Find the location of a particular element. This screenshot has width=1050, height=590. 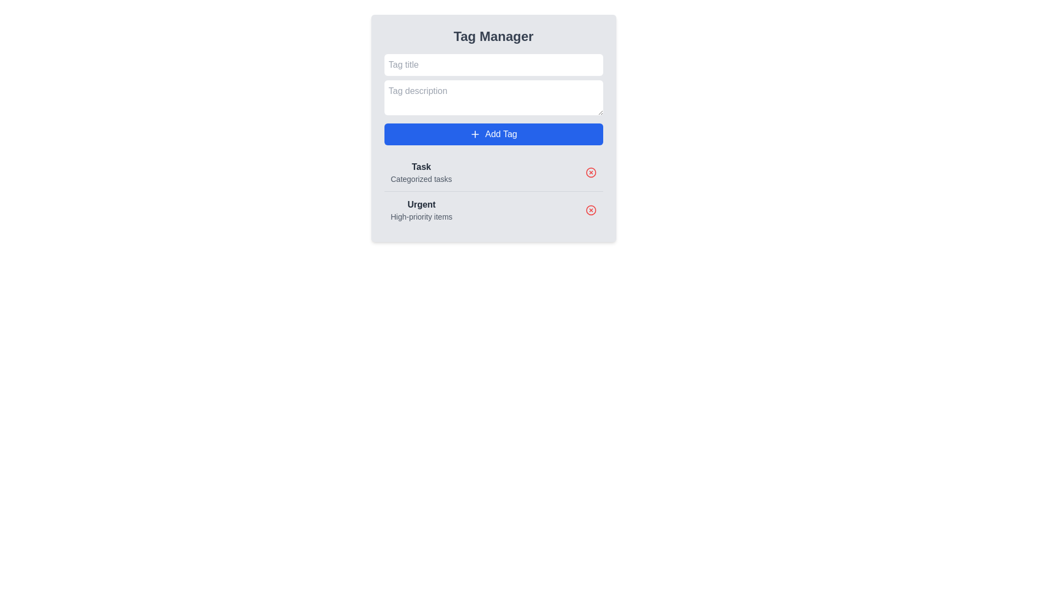

the delete button associated with the 'Urgent' tag in the 'Tag Manager' interface to potentially reveal a tooltip is located at coordinates (590, 210).